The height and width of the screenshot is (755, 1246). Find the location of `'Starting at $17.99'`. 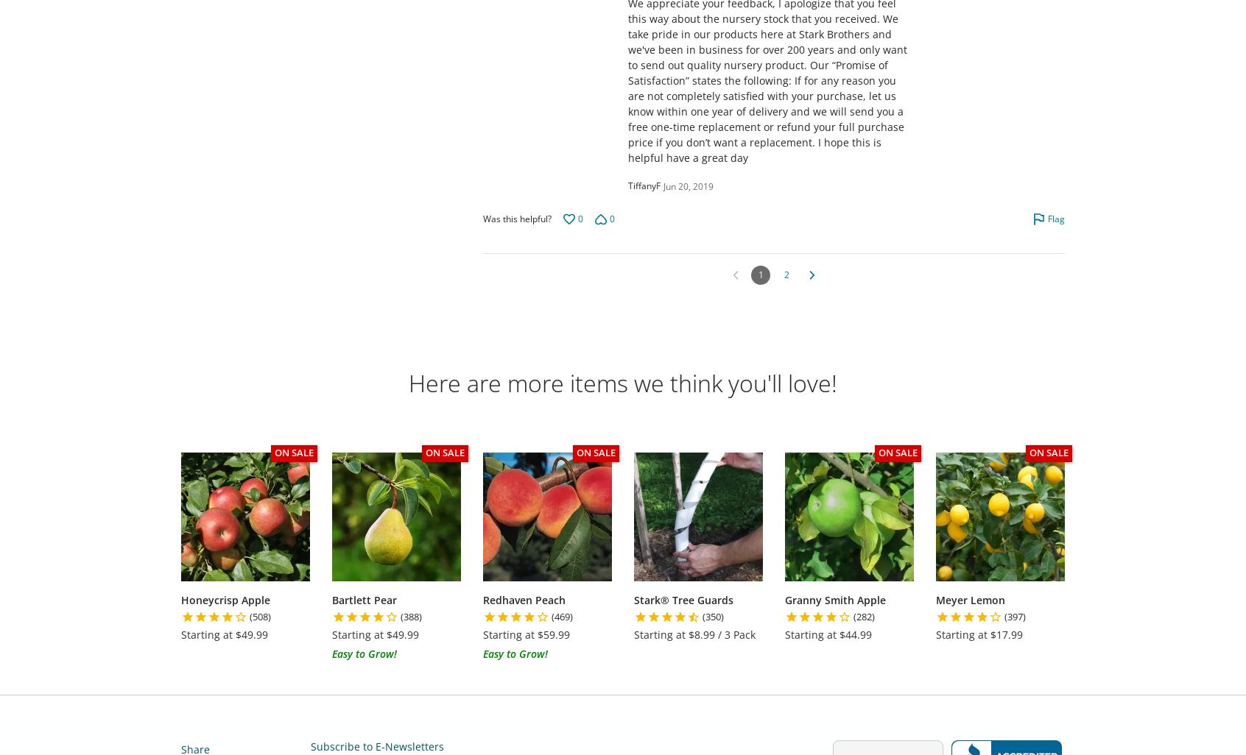

'Starting at $17.99' is located at coordinates (979, 634).